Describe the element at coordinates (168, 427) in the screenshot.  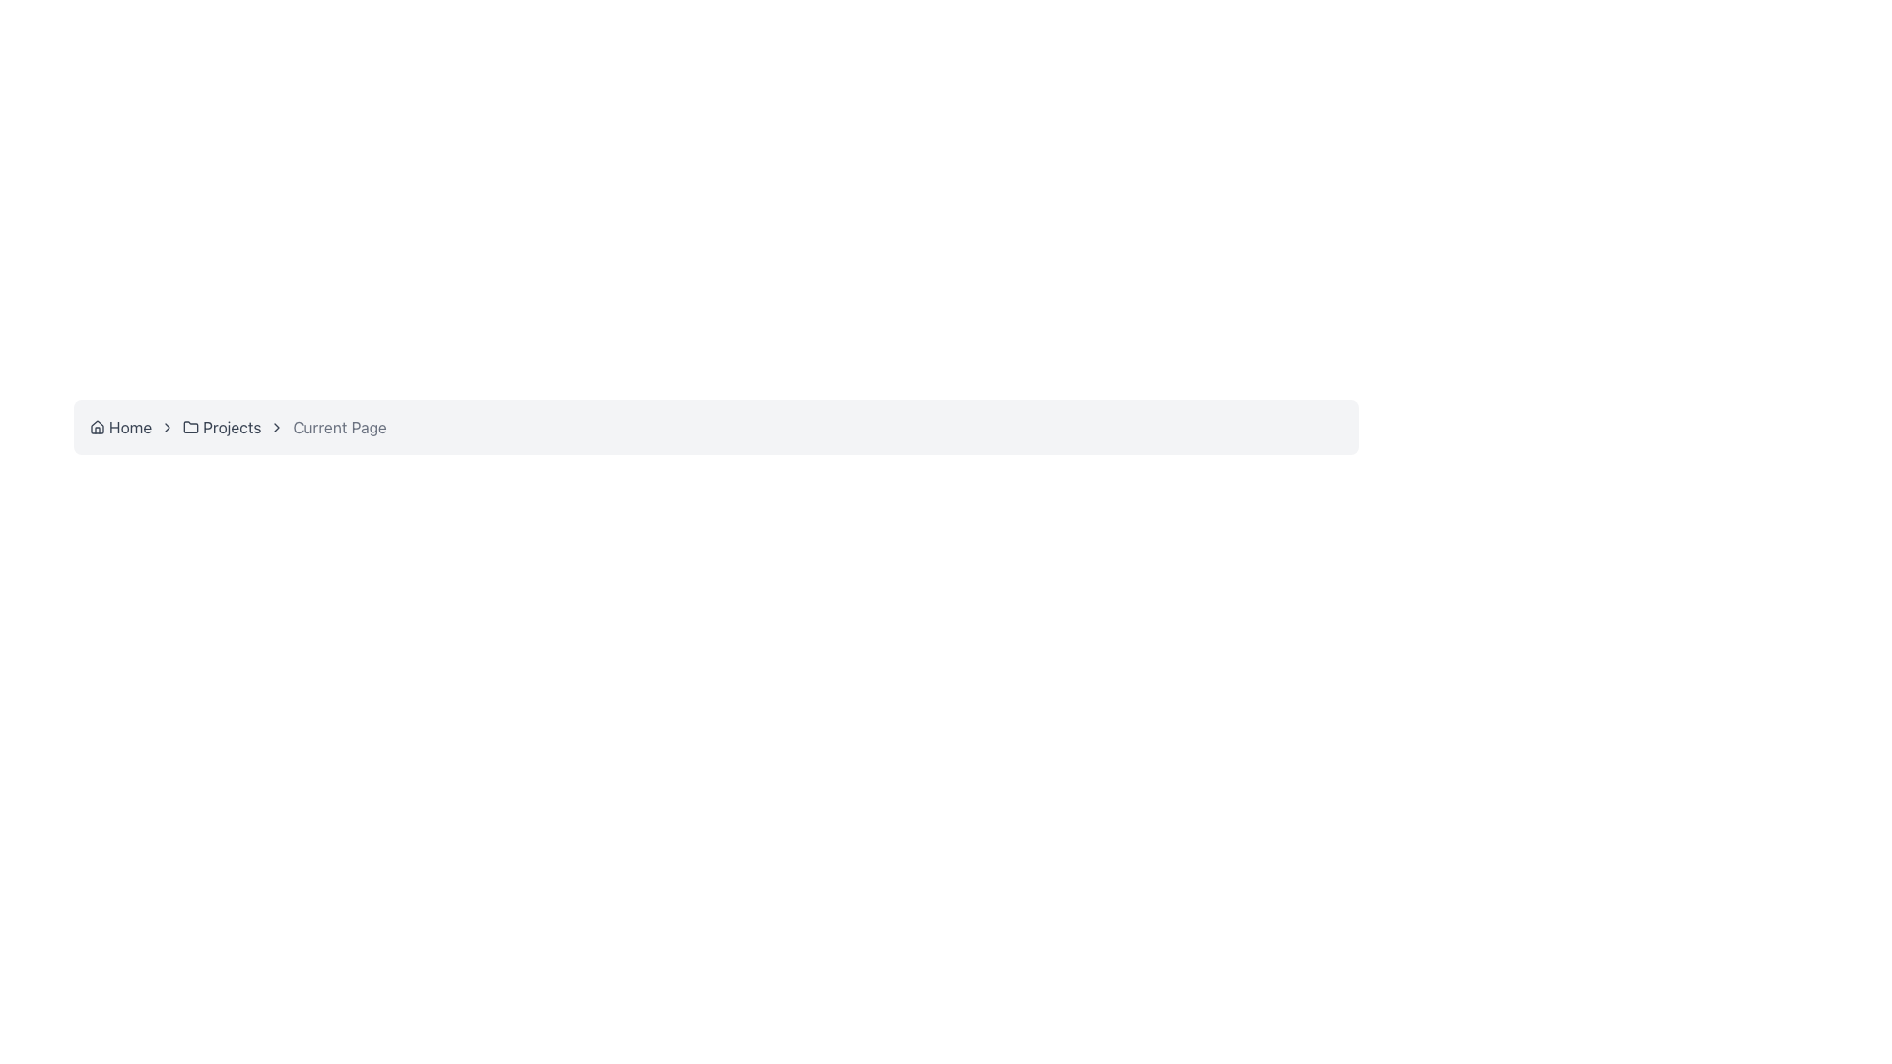
I see `the first chevron icon in the breadcrumb navigation bar, positioned between the 'Home' and 'Projects' texts, which visually signifies a transition in the hierarchy` at that location.